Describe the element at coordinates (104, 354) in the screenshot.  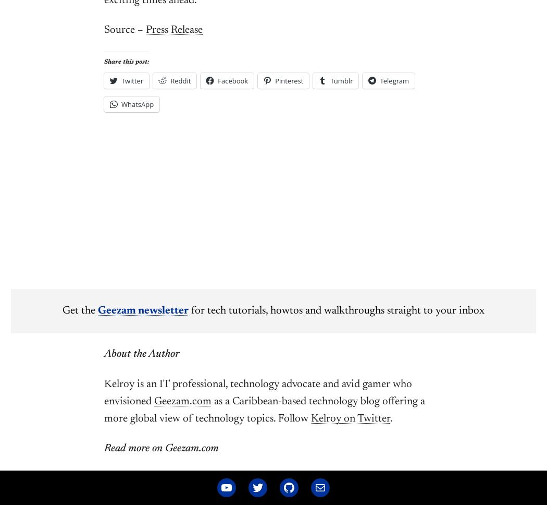
I see `'About the Author'` at that location.